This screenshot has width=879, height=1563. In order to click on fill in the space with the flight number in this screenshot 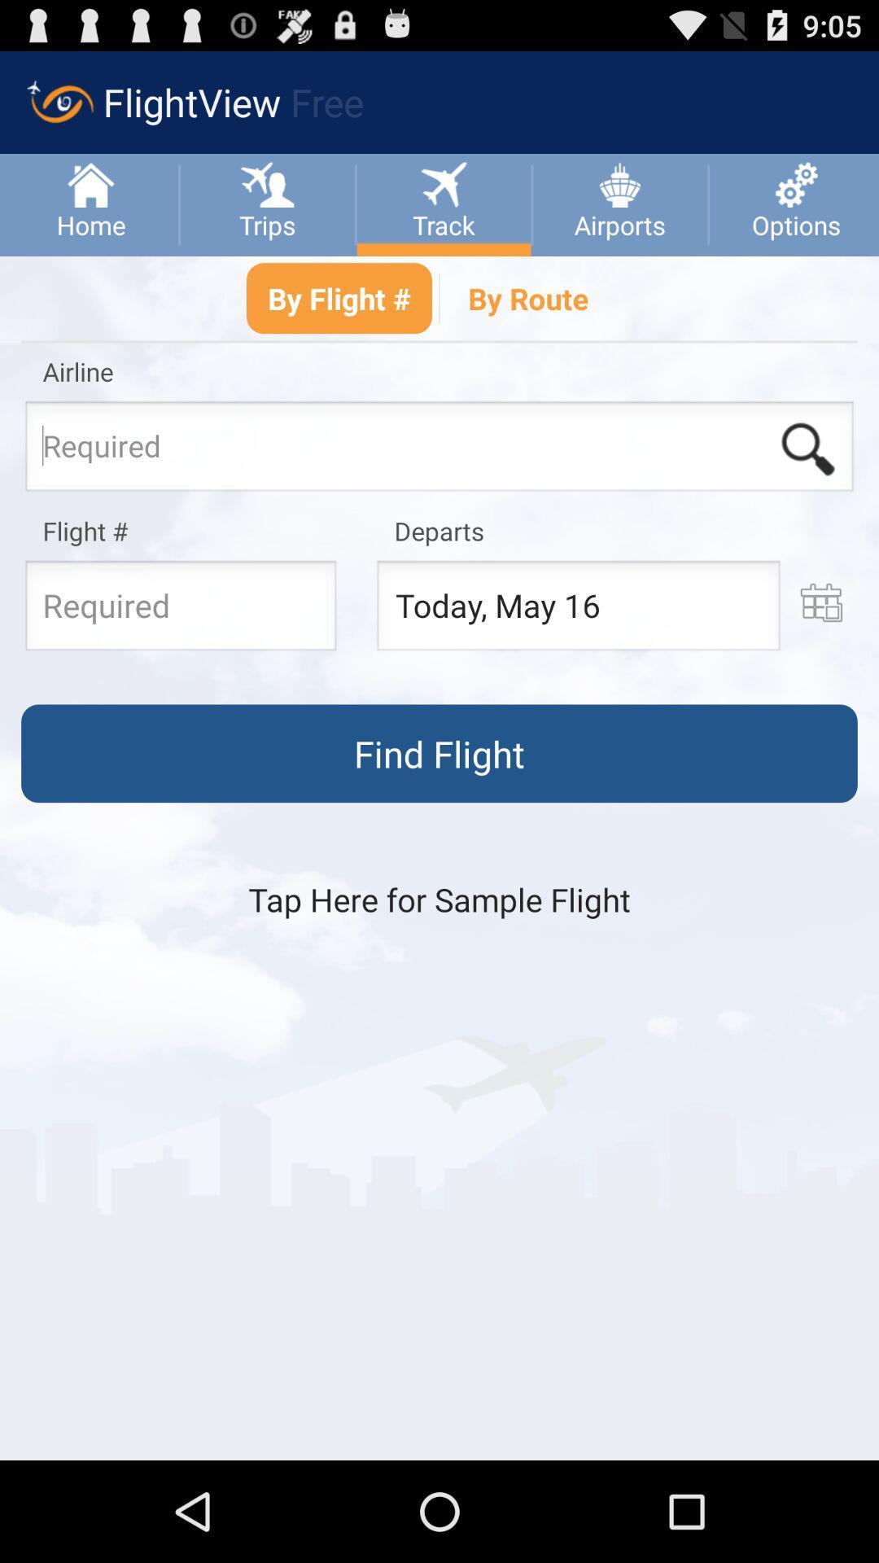, I will do `click(181, 609)`.